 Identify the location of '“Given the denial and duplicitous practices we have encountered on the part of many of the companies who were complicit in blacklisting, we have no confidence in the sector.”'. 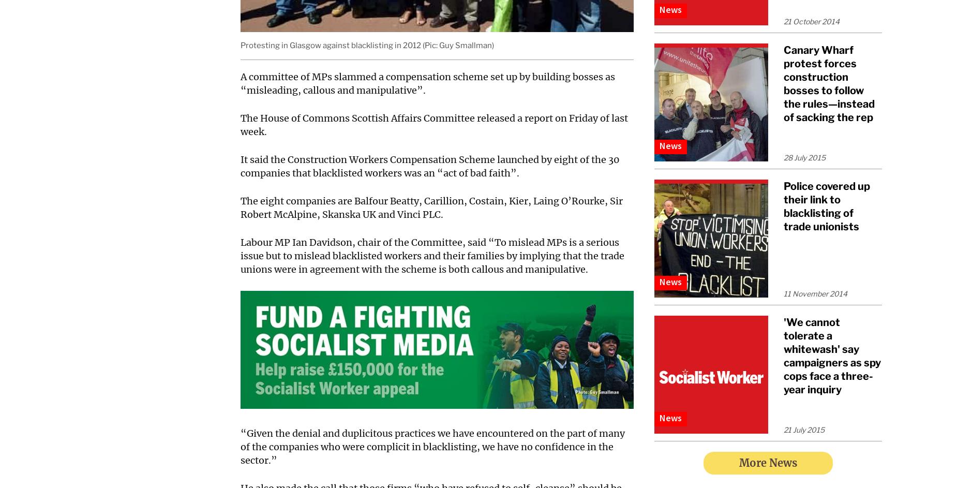
(432, 447).